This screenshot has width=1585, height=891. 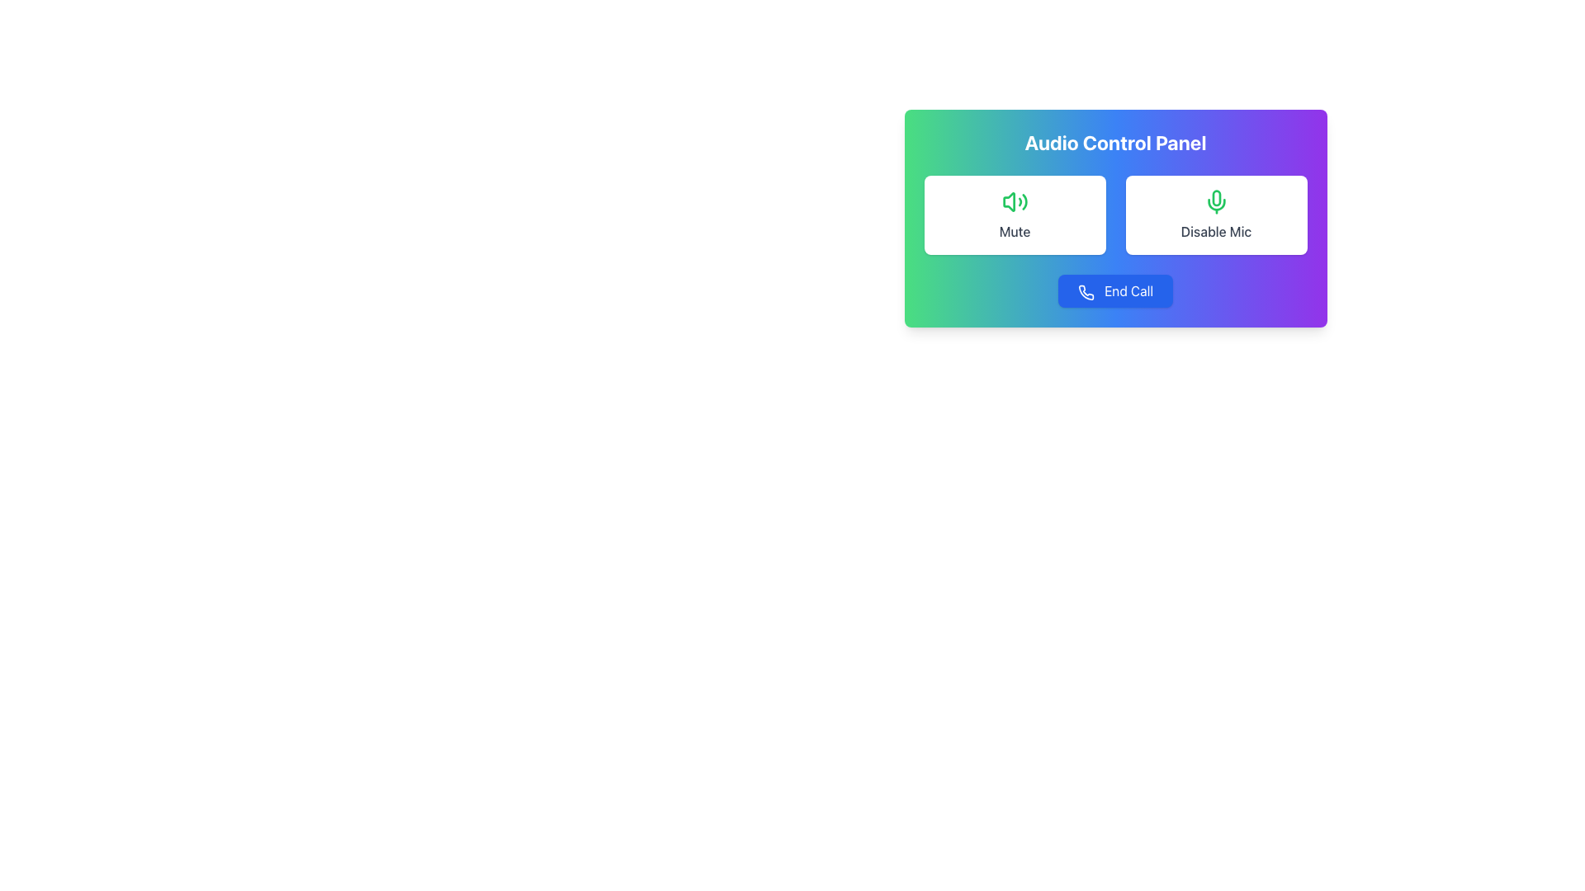 What do you see at coordinates (1086, 291) in the screenshot?
I see `the stylized telephone handset icon located within the blue 'End Call' button` at bounding box center [1086, 291].